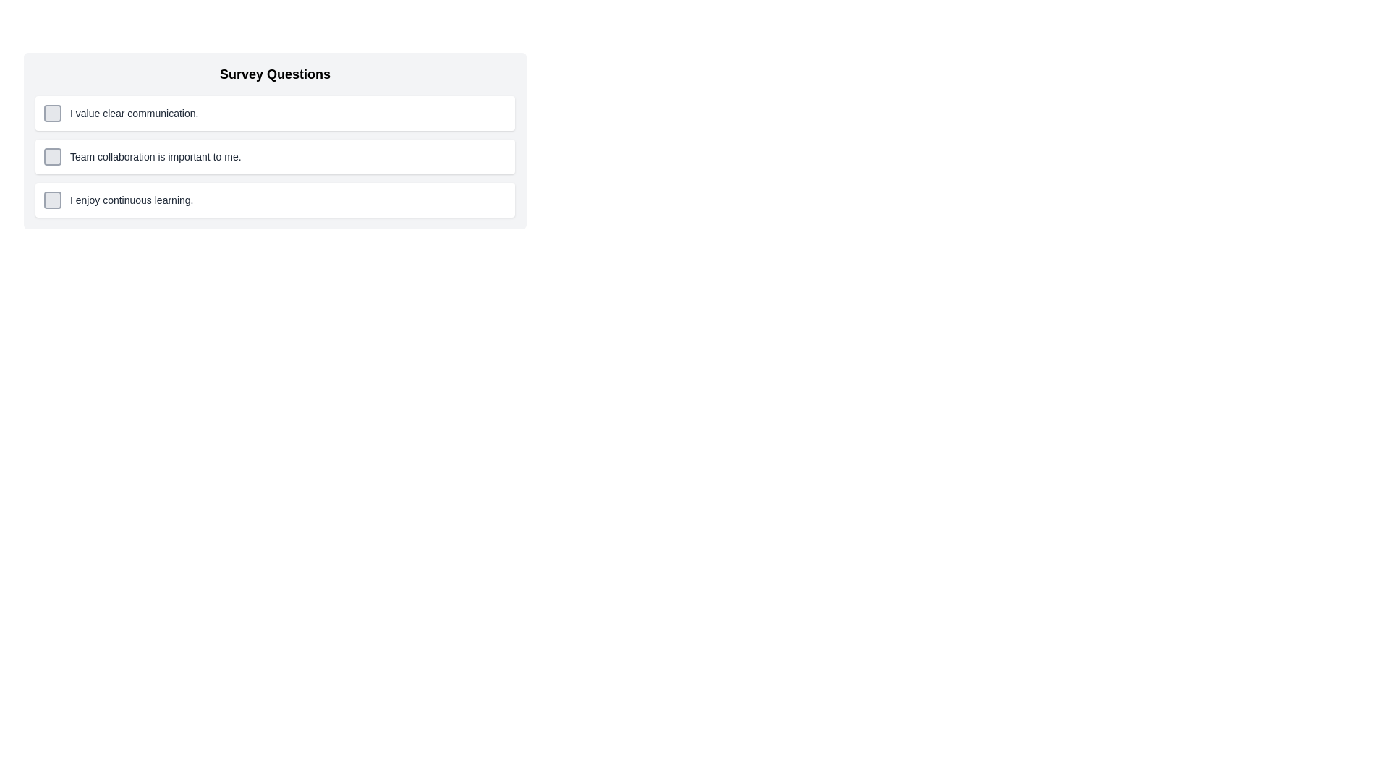  I want to click on the checkbox labeled 'I enjoy continuous learning.', so click(275, 200).